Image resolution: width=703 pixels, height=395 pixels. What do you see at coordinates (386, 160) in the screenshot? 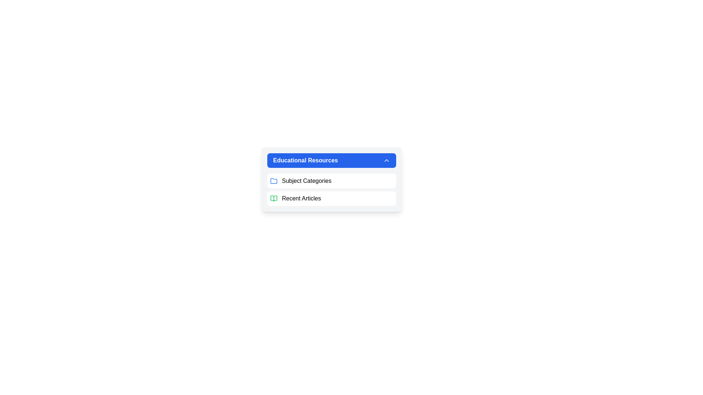
I see `the upward-facing chevron icon in the top-right corner of the blue 'Educational Resources' section` at bounding box center [386, 160].